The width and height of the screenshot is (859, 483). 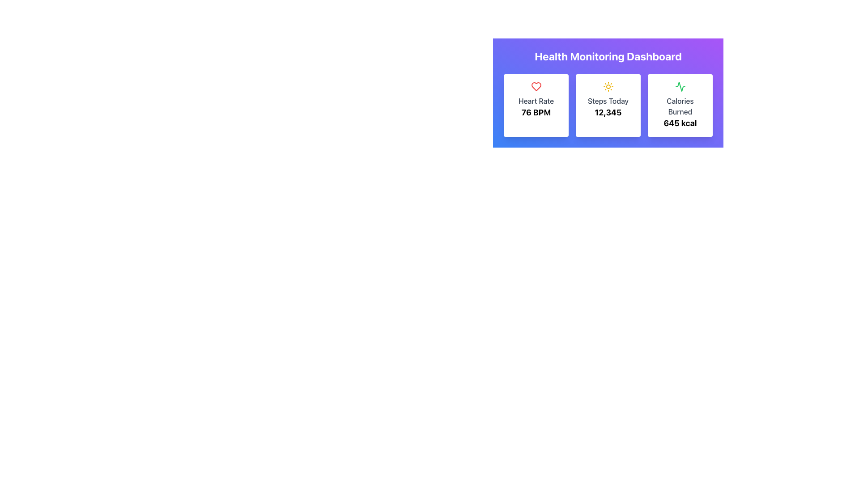 What do you see at coordinates (536, 105) in the screenshot?
I see `the Information card displaying the user's heart rate in BPM` at bounding box center [536, 105].